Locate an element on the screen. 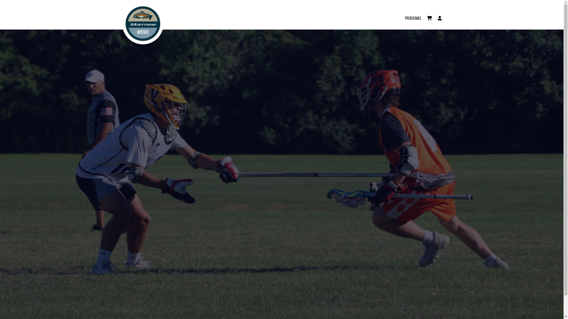  'Programs' is located at coordinates (412, 14).